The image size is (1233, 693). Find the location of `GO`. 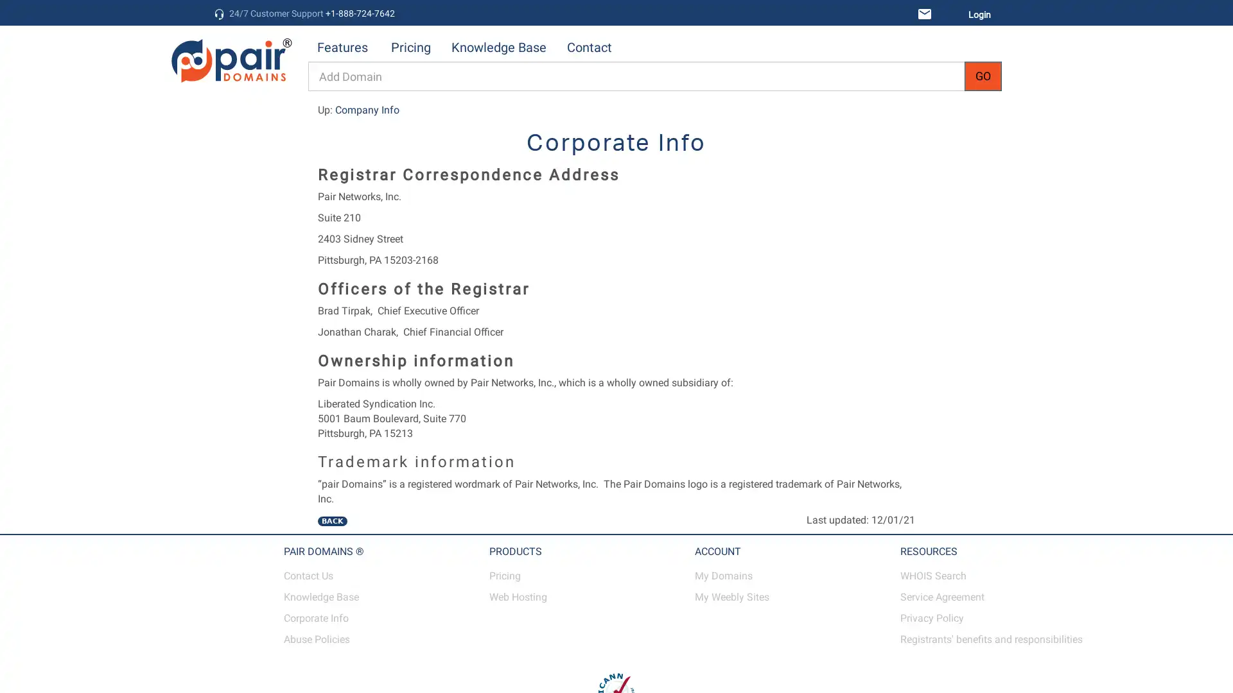

GO is located at coordinates (983, 76).